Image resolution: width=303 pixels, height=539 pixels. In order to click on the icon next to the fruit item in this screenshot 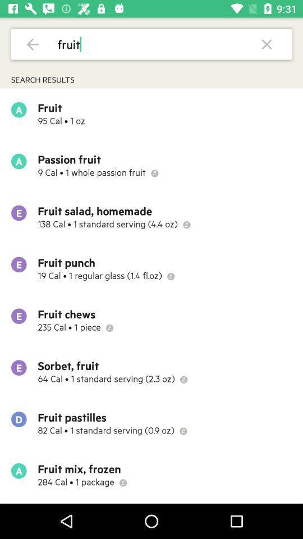, I will do `click(266, 44)`.